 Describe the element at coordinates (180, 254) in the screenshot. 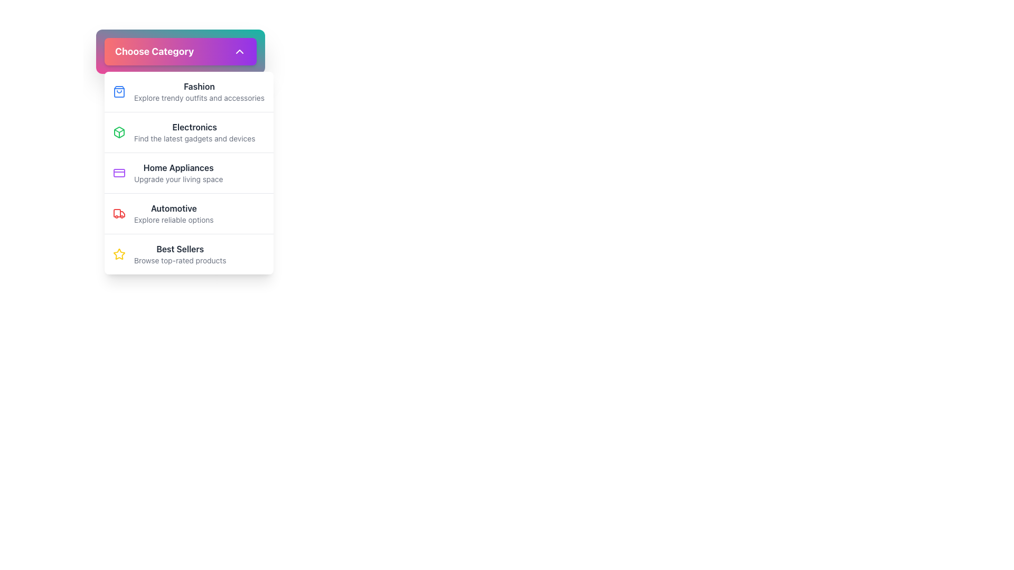

I see `the 'Best Sellers' text element located at the bottom of the category options dropdown, below 'Automotive'` at that location.